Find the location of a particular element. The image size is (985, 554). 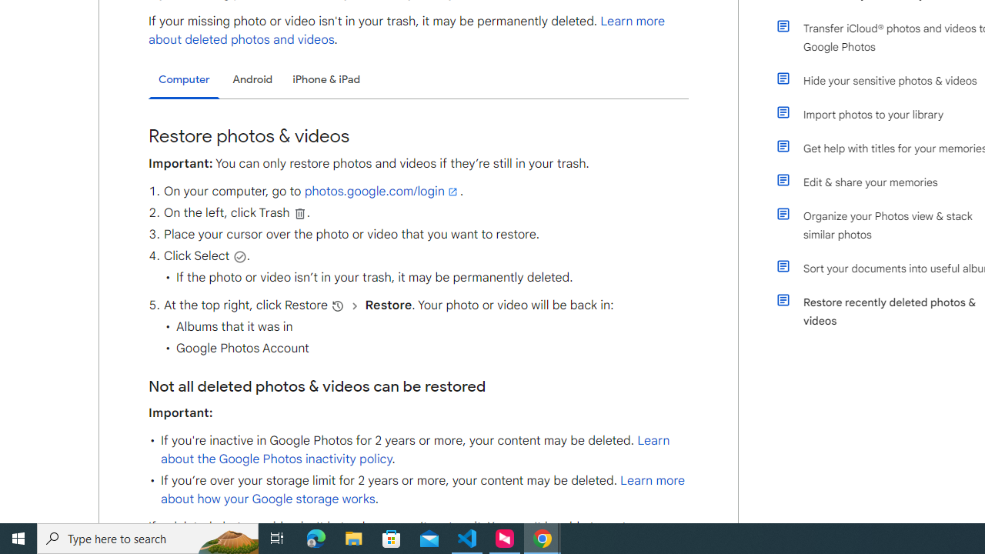

'Computer' is located at coordinates (184, 80).